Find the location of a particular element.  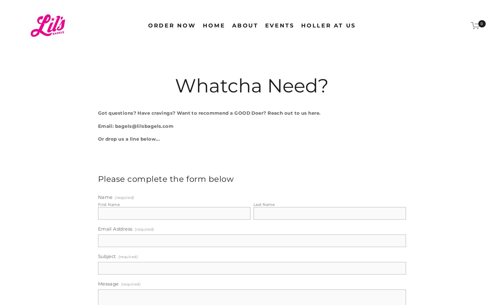

'0' is located at coordinates (481, 23).